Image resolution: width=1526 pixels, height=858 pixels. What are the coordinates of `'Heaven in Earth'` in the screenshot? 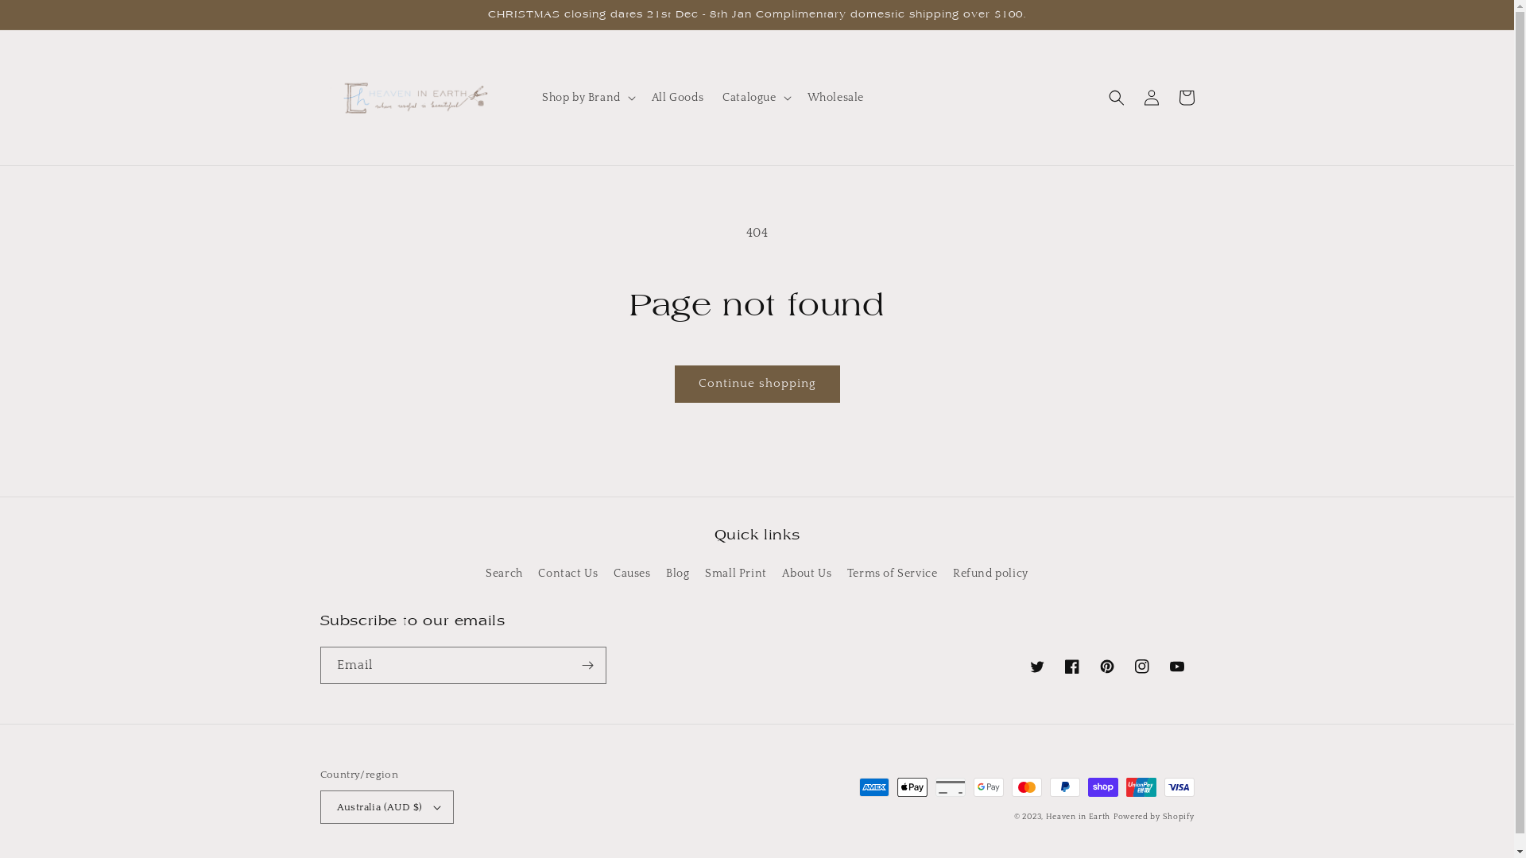 It's located at (1079, 817).